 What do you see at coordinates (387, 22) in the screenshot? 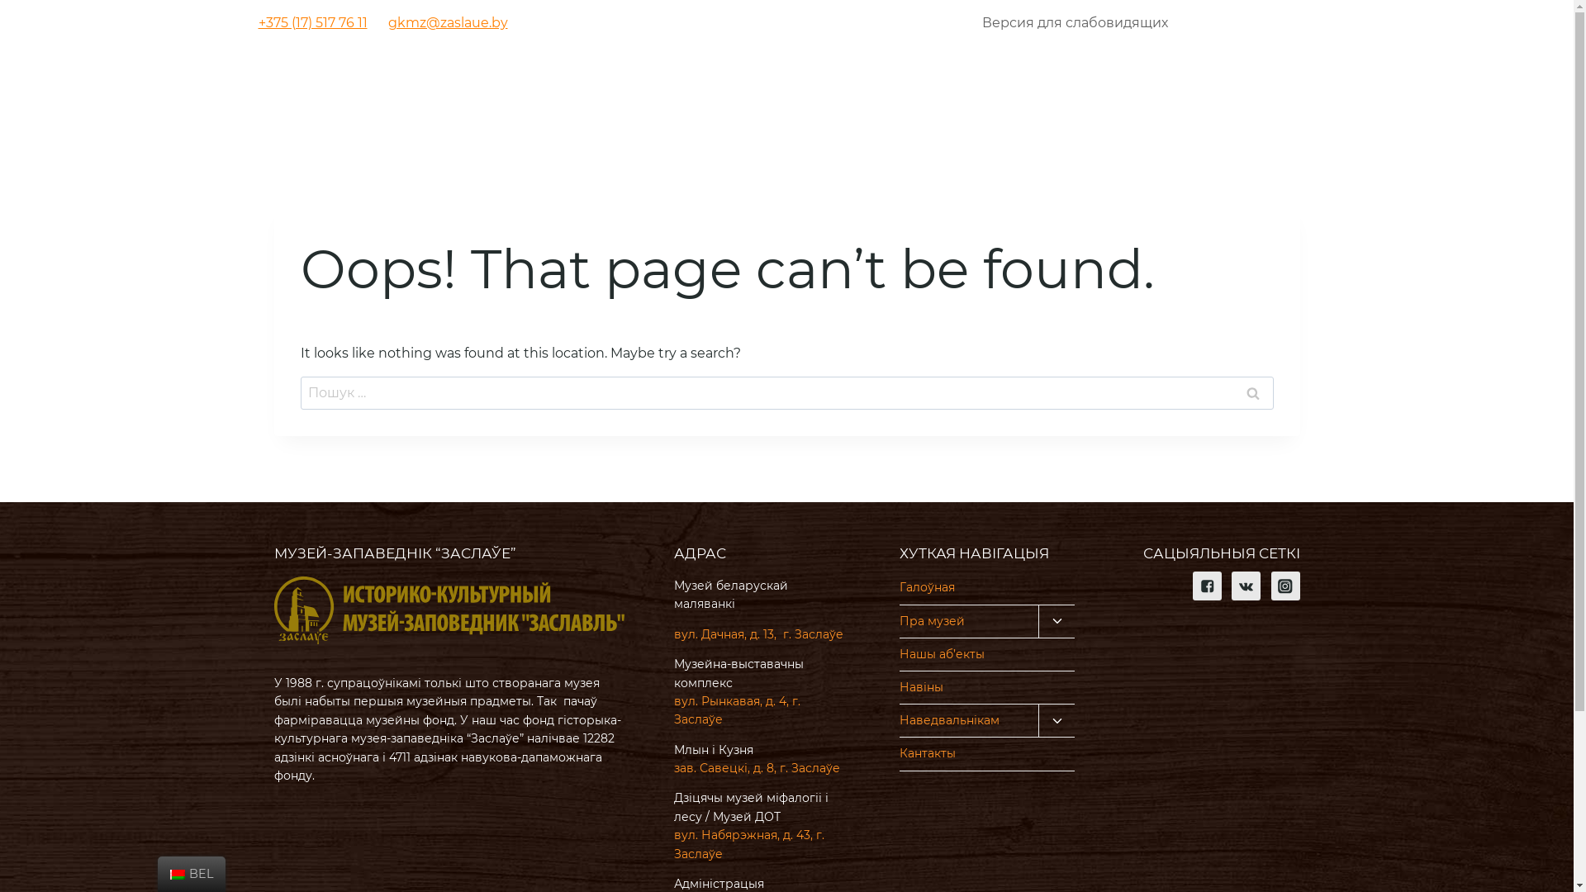
I see `'gkmz@zaslaue.by'` at bounding box center [387, 22].